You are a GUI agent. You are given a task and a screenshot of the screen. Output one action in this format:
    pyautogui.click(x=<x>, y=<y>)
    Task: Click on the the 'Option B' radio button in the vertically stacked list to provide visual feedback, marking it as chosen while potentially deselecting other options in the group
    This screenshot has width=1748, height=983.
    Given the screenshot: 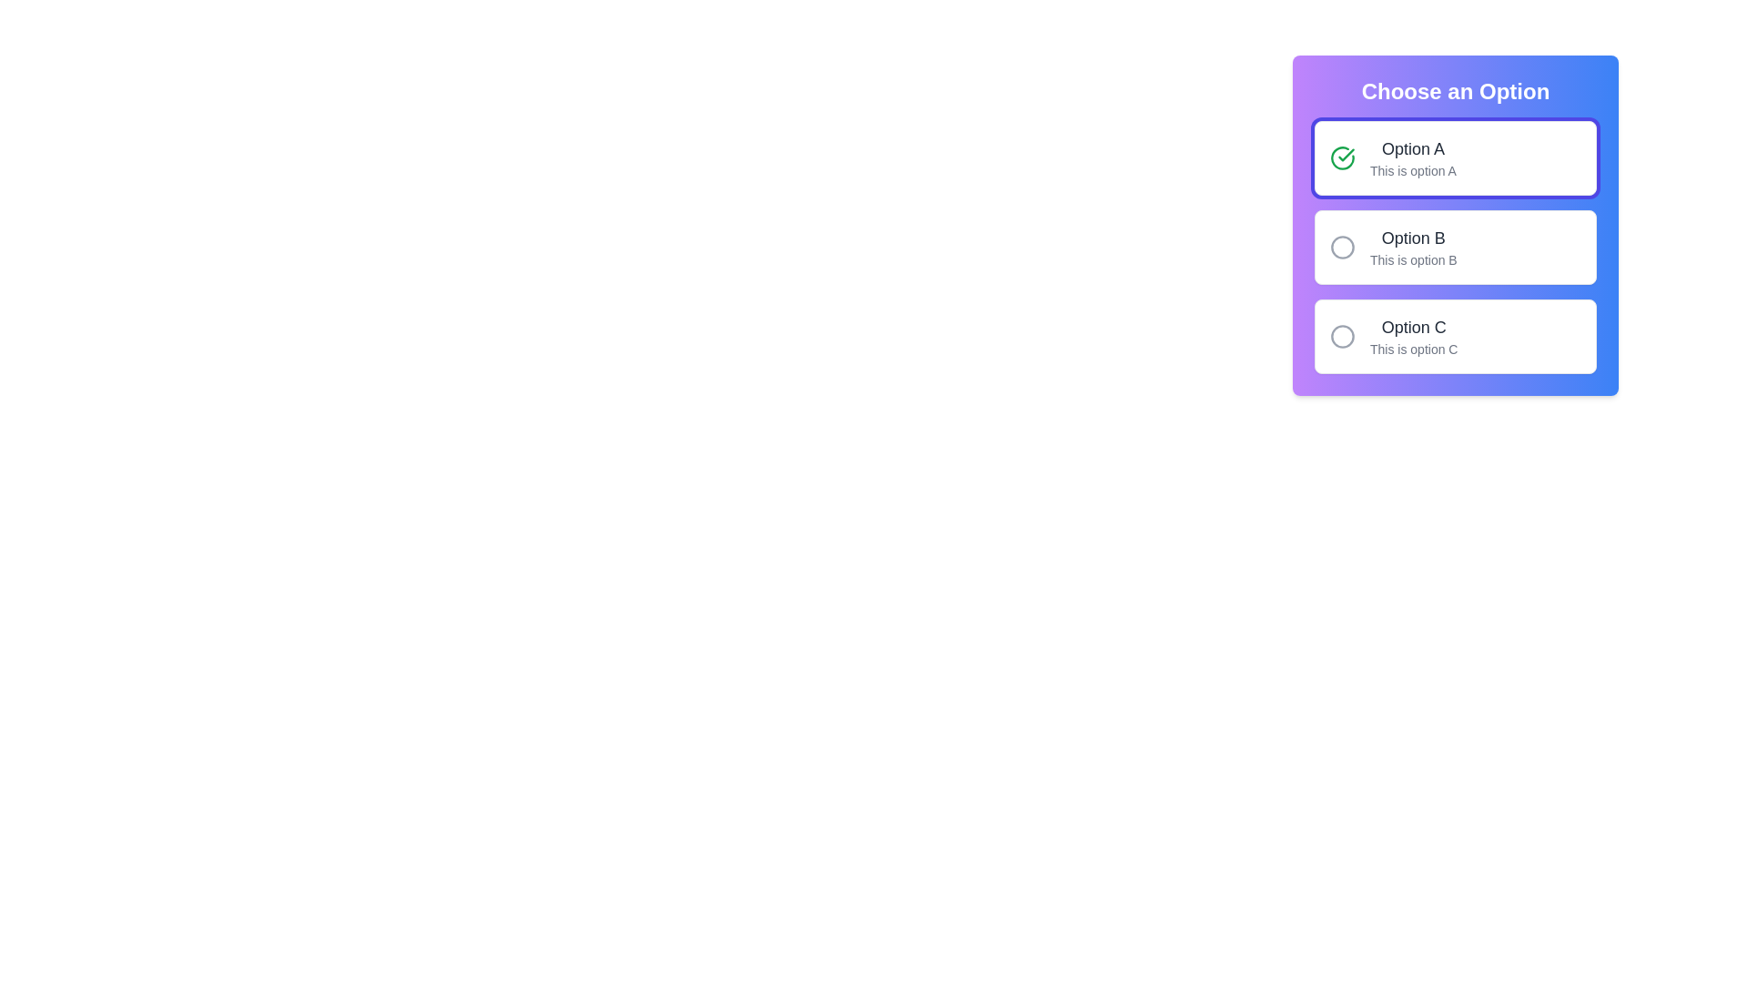 What is the action you would take?
    pyautogui.click(x=1454, y=248)
    